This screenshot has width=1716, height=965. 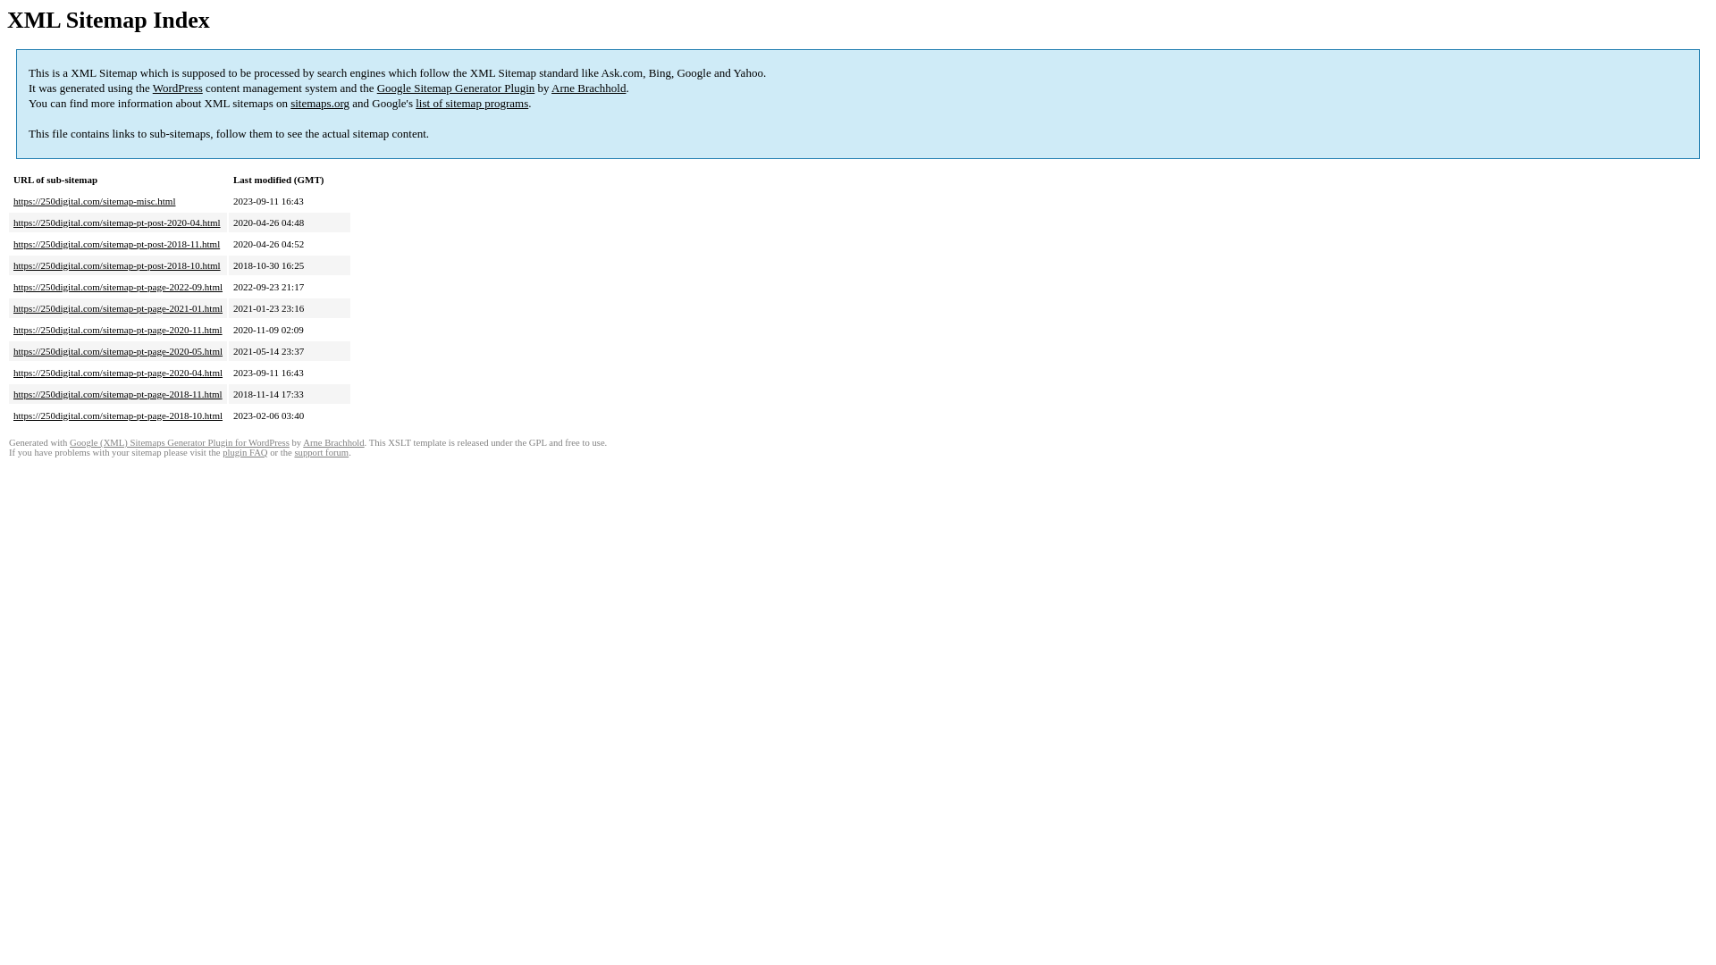 I want to click on 'sitemaps.org', so click(x=290, y=103).